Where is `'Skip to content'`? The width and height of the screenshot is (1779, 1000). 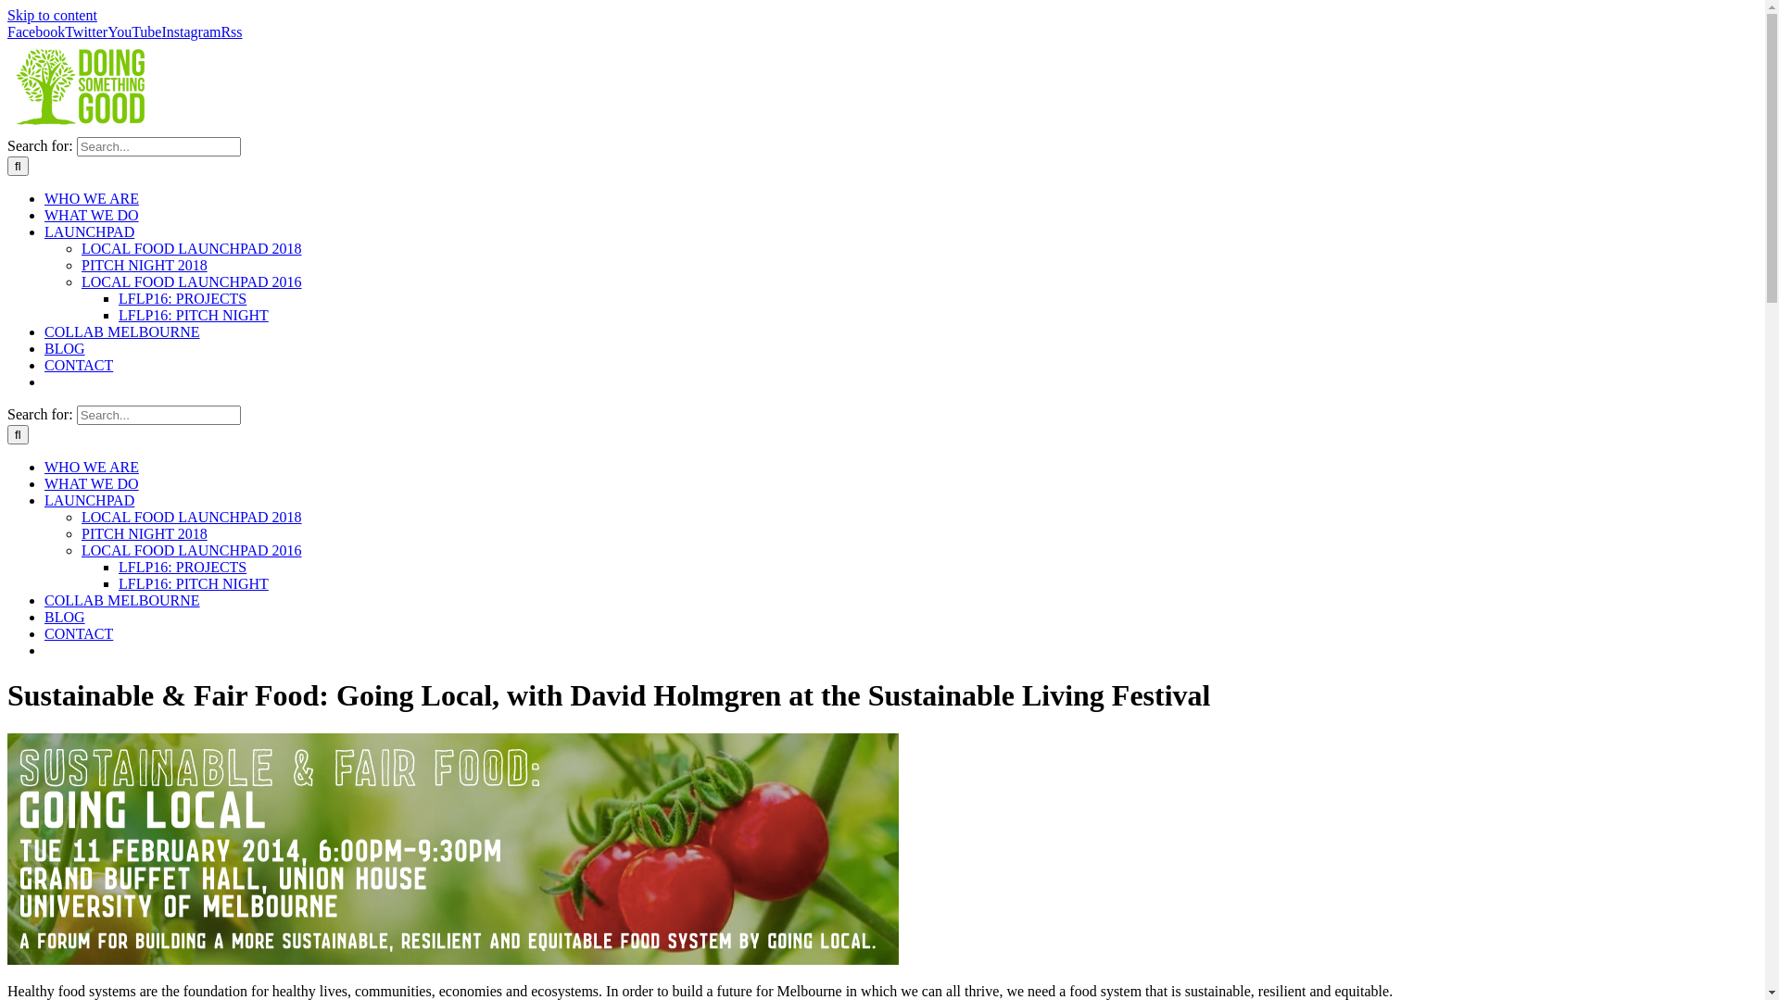
'Skip to content' is located at coordinates (7, 15).